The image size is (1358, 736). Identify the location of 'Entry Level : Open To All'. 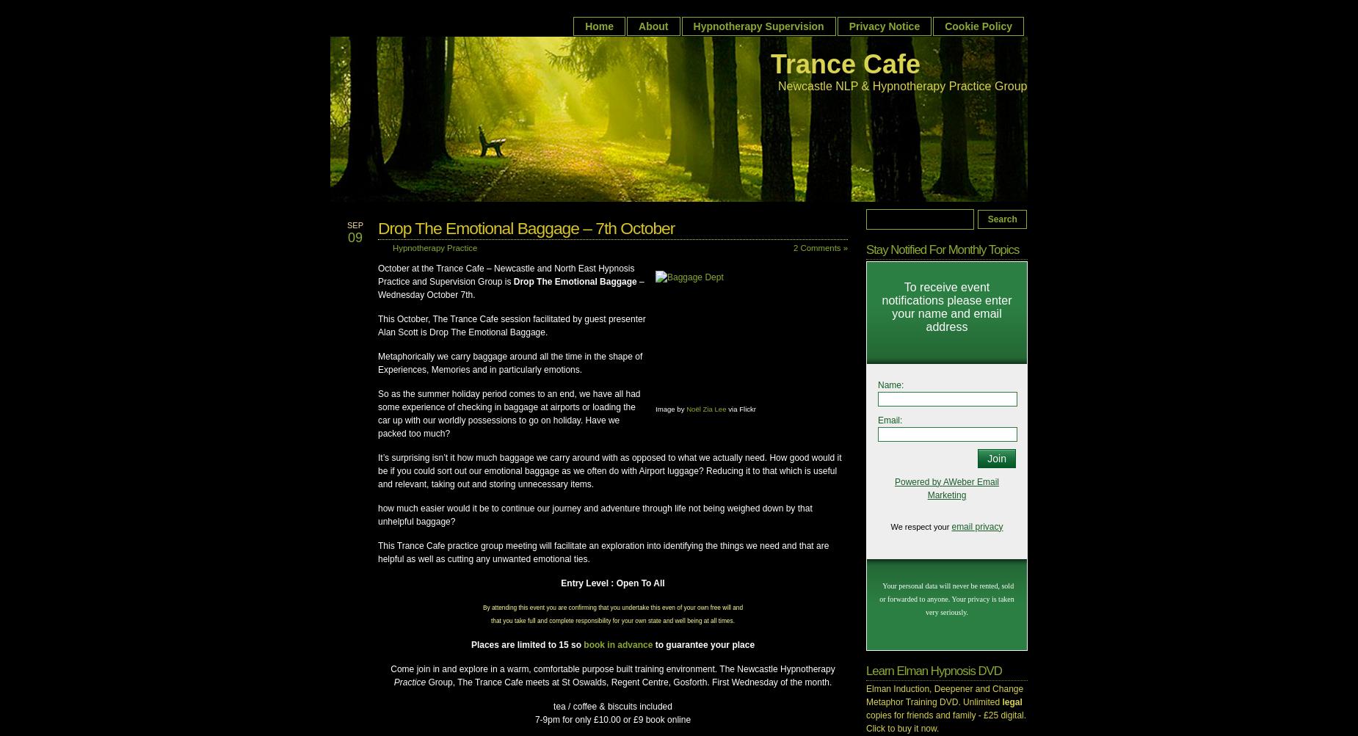
(612, 581).